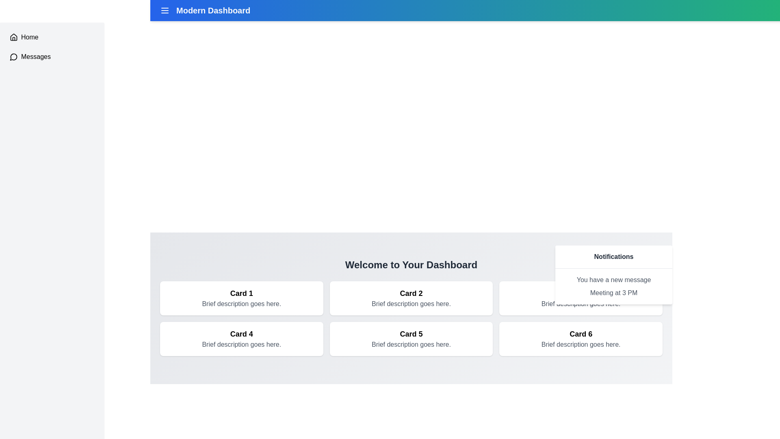  I want to click on the text label that serves as the title for the card component labeled 'Card 4' located in the lower-left quadrant of the grid layout under 'Welcome to Your Dashboard.', so click(241, 334).